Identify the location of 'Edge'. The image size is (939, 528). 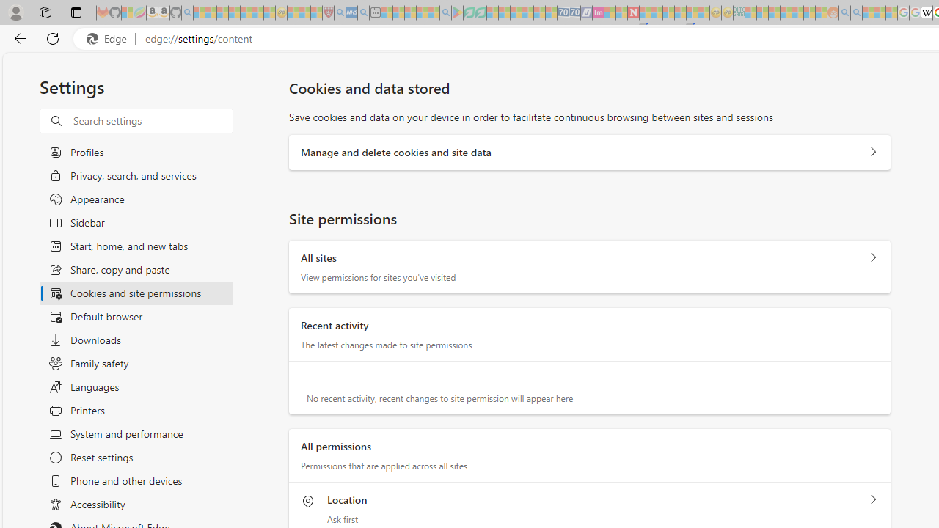
(109, 38).